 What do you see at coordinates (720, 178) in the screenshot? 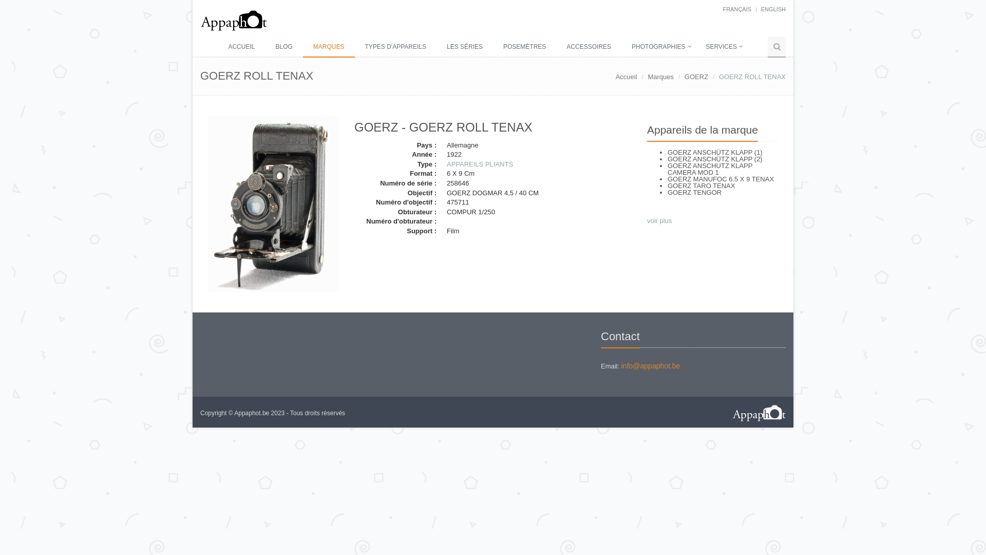
I see `'GOERZ MANUFOC 6.5 X 9 TENAX'` at bounding box center [720, 178].